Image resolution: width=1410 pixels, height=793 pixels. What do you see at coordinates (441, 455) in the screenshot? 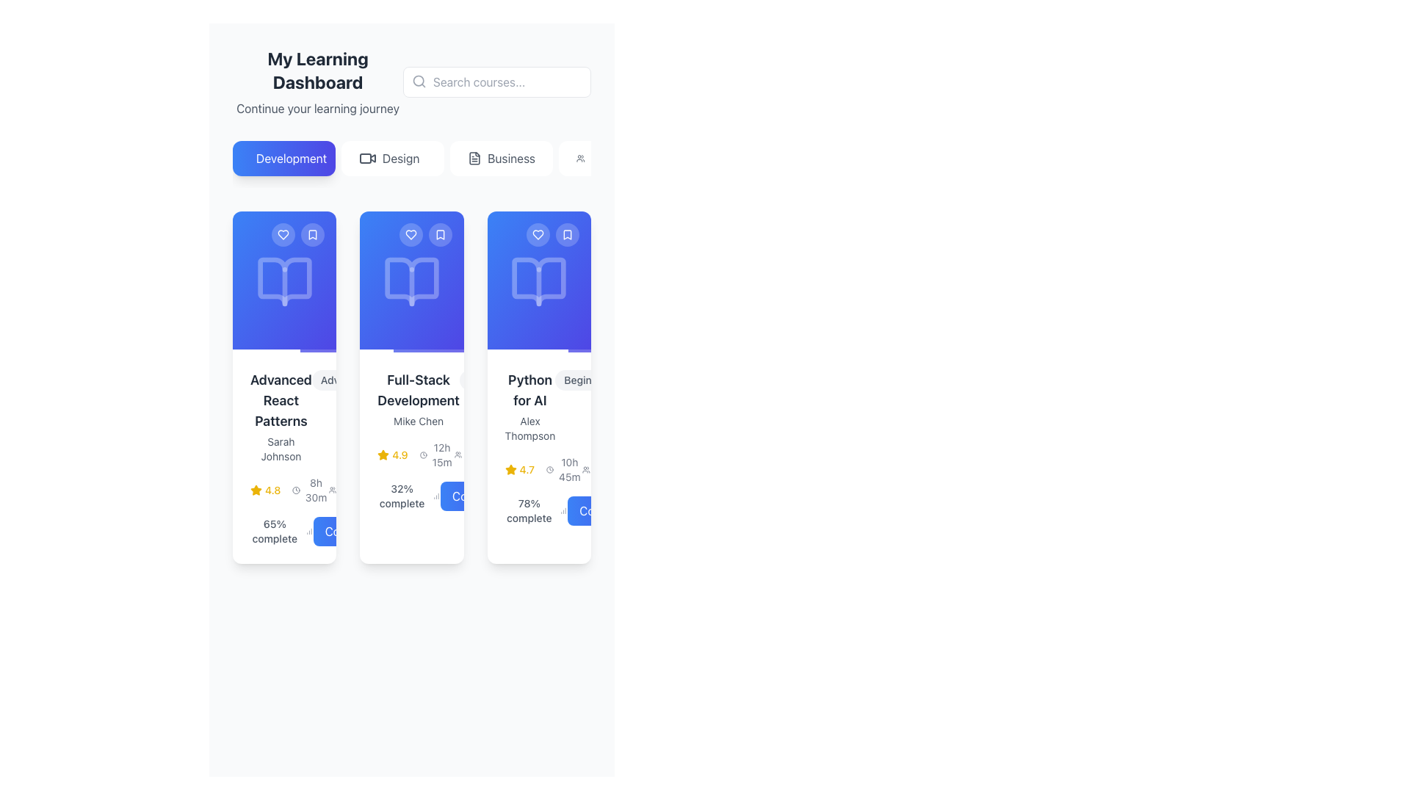
I see `the text label displaying the total duration of the course, located to the right of the clock icon in the second course card titled 'Full-Stack Development'` at bounding box center [441, 455].